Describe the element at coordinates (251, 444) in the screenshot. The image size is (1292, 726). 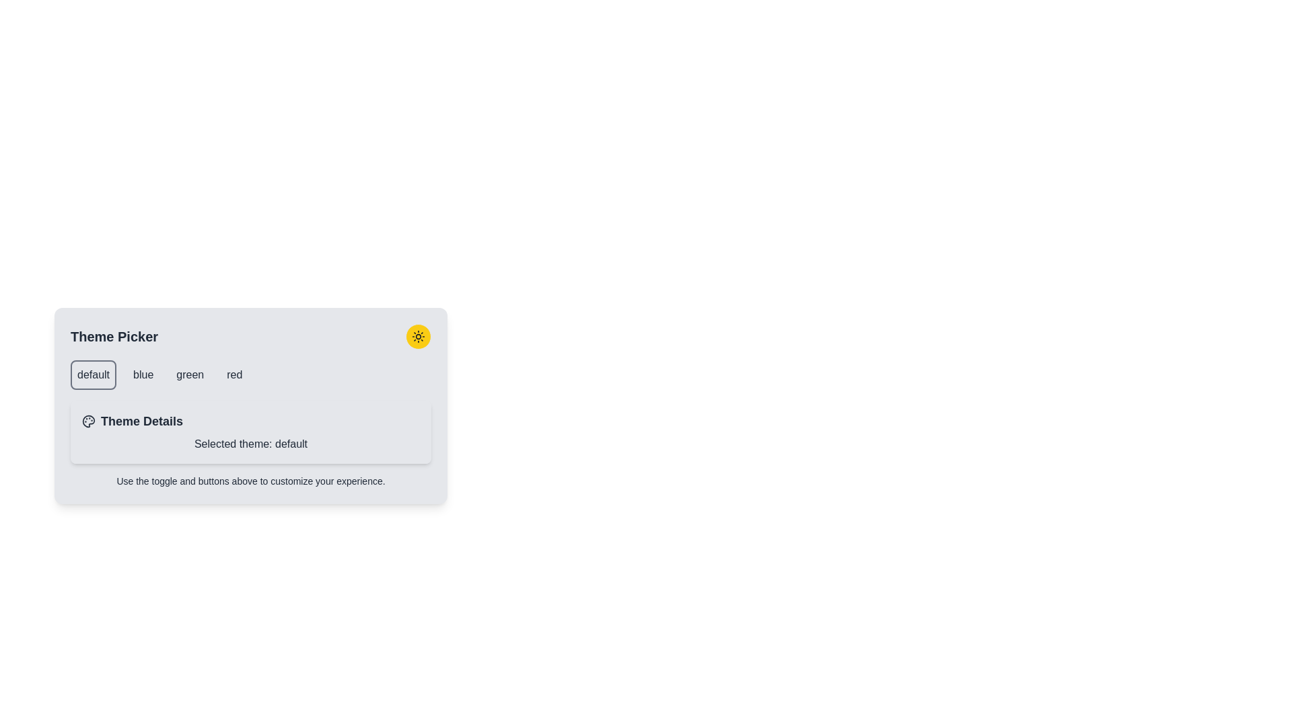
I see `content displayed in the Text Label that shows the currently selected theme 'default', located in the 'Theme Details' section below the title` at that location.